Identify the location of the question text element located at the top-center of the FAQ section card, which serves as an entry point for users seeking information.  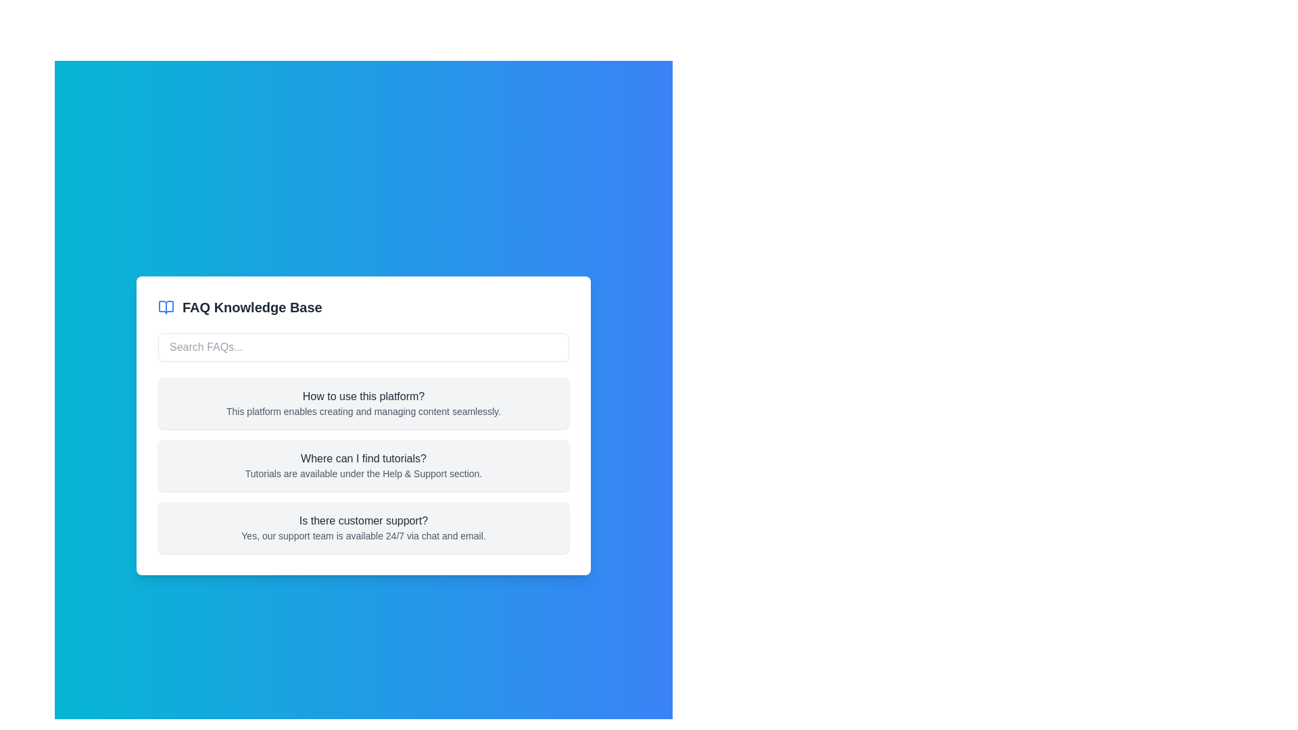
(363, 395).